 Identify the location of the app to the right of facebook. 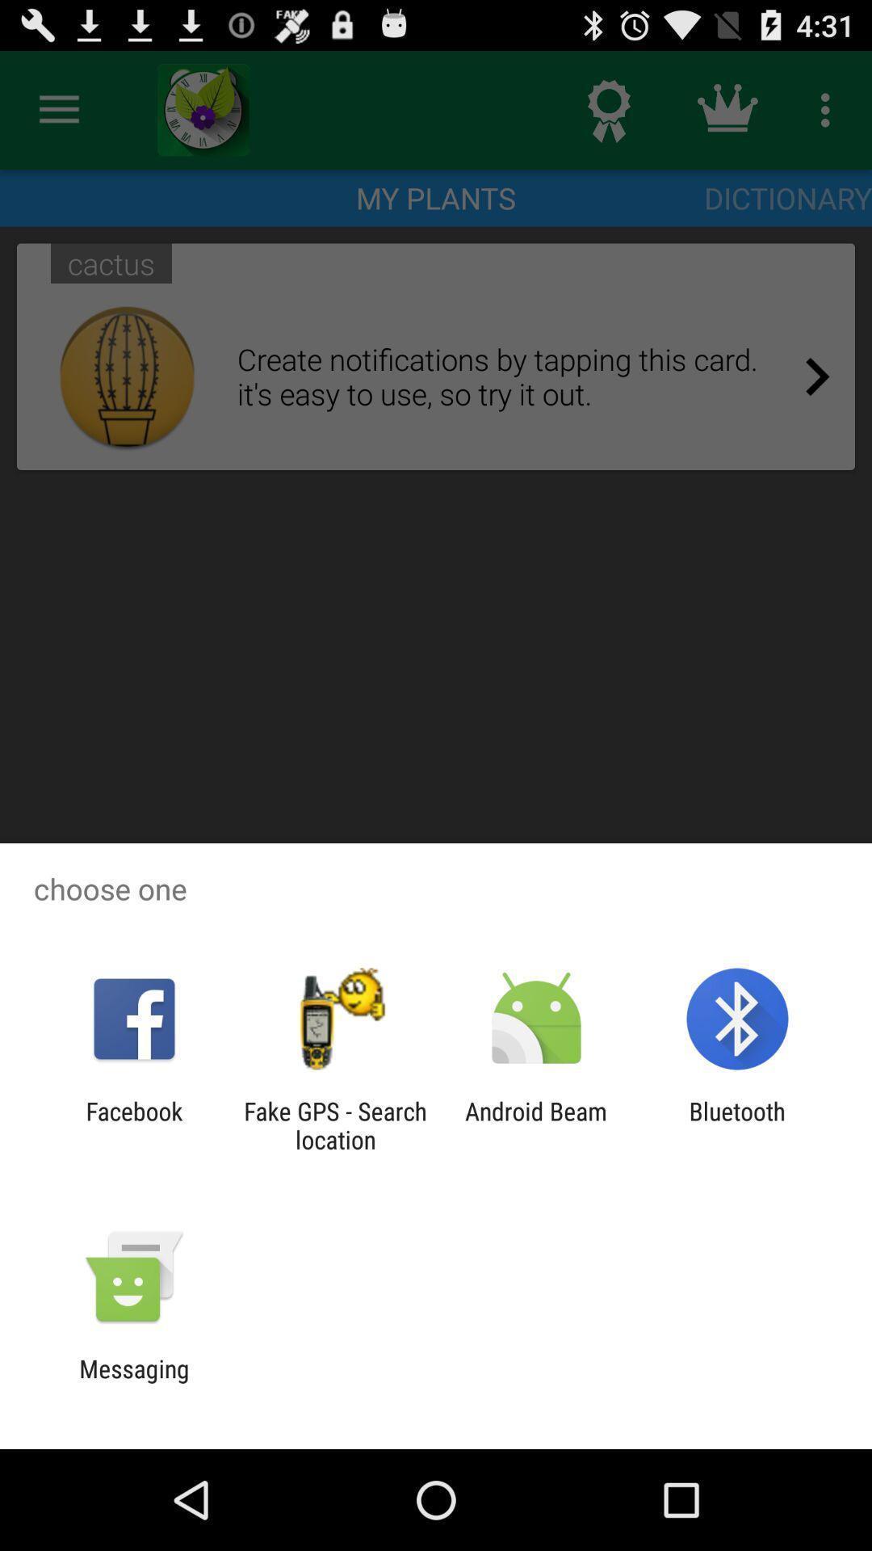
(334, 1124).